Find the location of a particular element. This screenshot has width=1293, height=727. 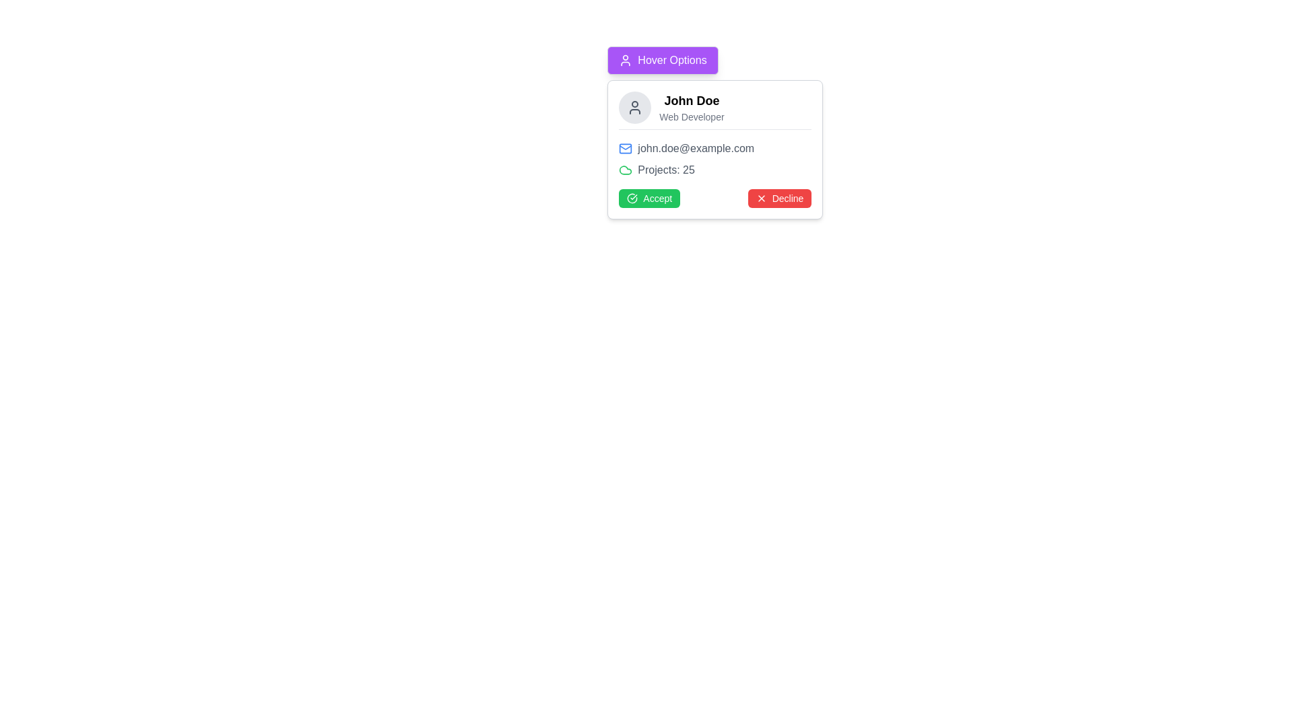

the decorative icon on the 'Decline' button, which visually indicates the button's function to reject or cancel an action is located at coordinates (761, 198).